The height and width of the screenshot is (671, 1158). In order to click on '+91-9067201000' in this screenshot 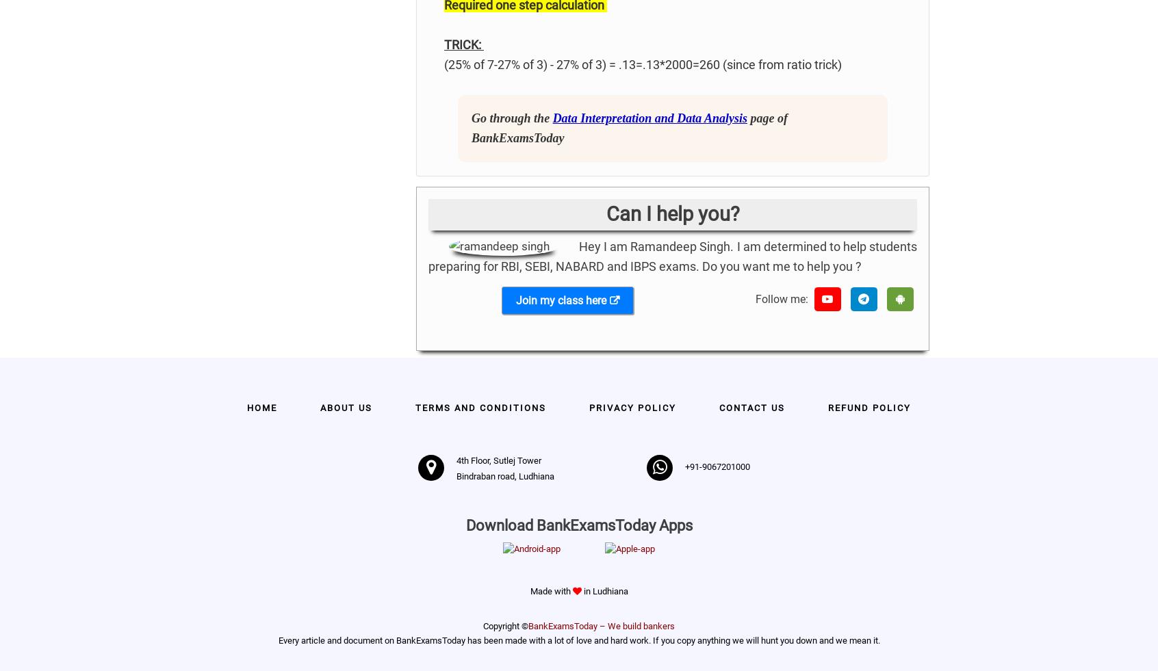, I will do `click(716, 466)`.